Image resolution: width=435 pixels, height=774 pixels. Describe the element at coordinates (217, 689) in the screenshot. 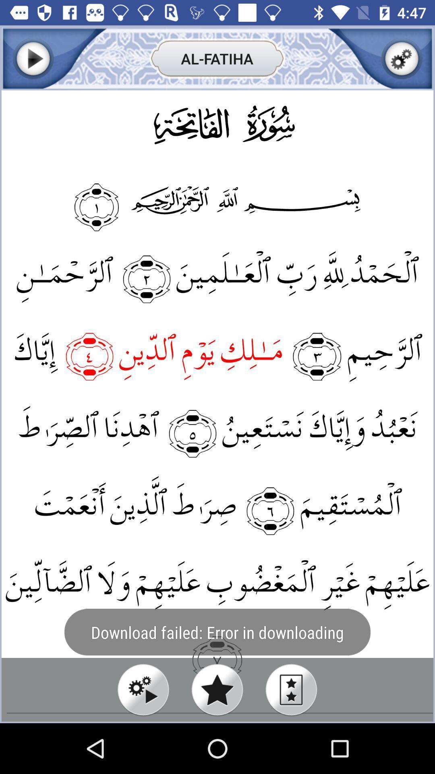

I see `item` at that location.